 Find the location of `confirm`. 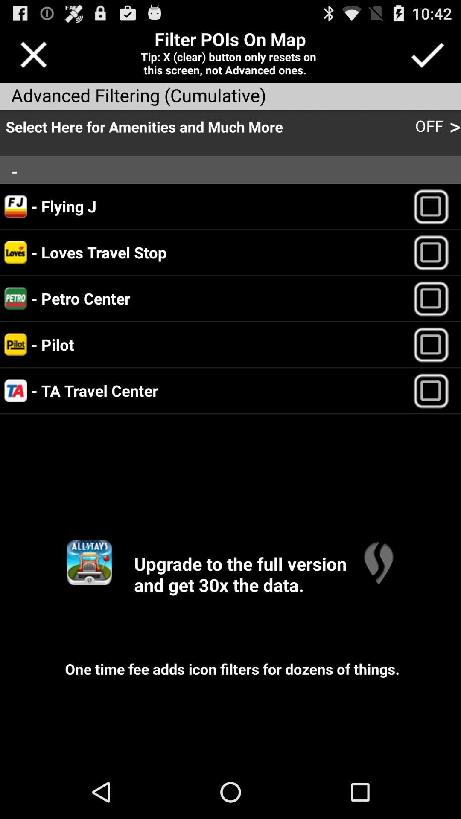

confirm is located at coordinates (427, 54).